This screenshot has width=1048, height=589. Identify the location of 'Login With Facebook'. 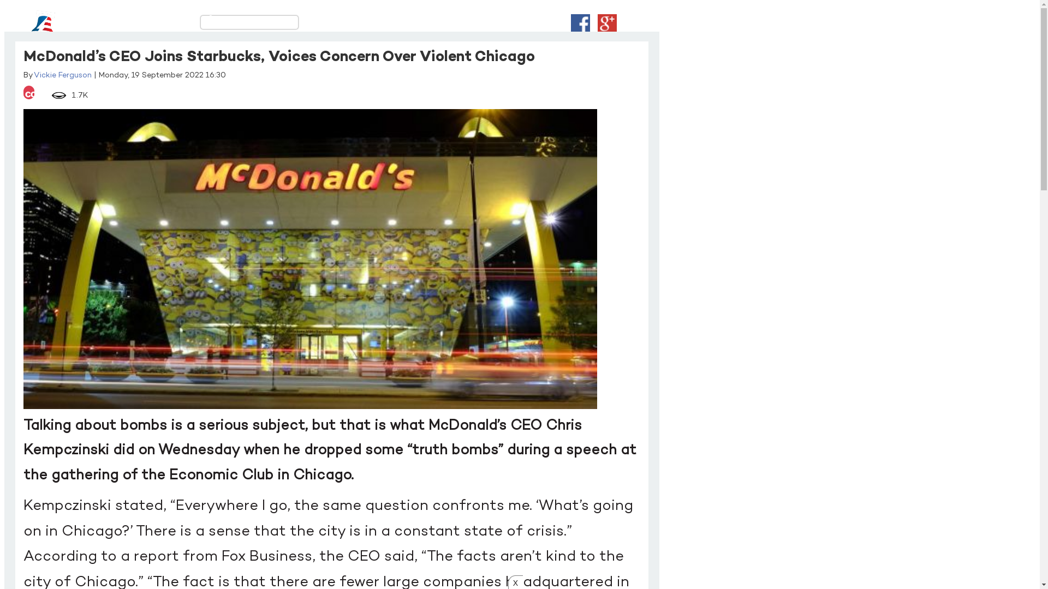
(580, 23).